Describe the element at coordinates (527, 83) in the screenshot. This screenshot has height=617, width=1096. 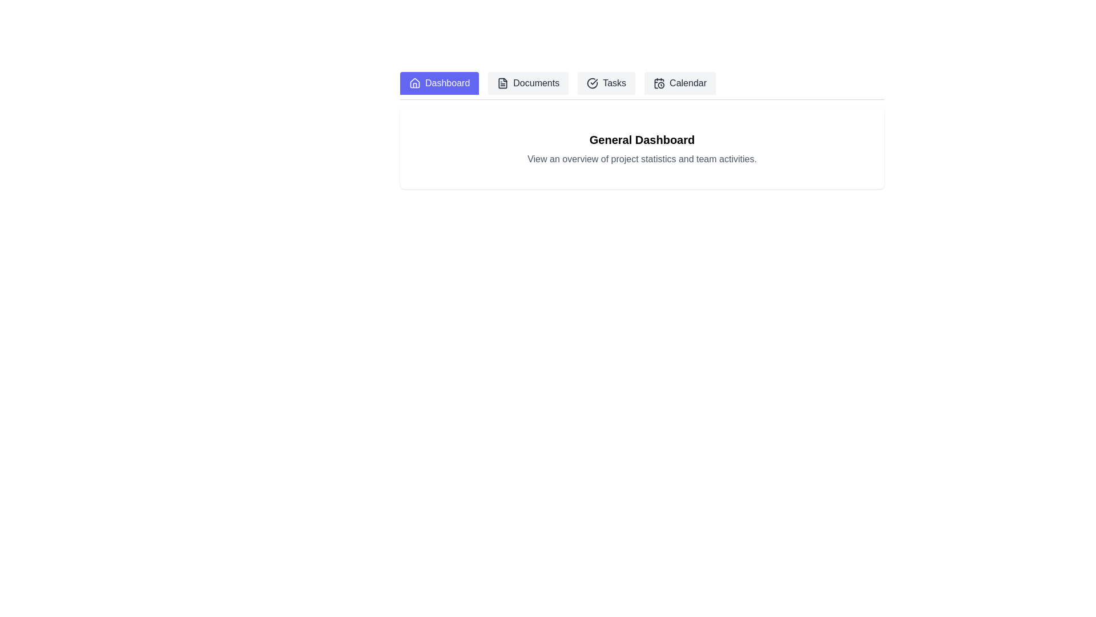
I see `the 'Documents' tab in the navigation menu` at that location.